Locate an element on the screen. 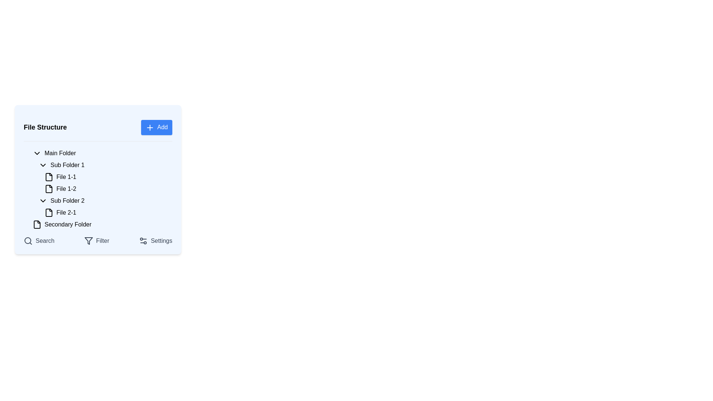  the text label for the file named 'File 2-1' is located at coordinates (66, 212).